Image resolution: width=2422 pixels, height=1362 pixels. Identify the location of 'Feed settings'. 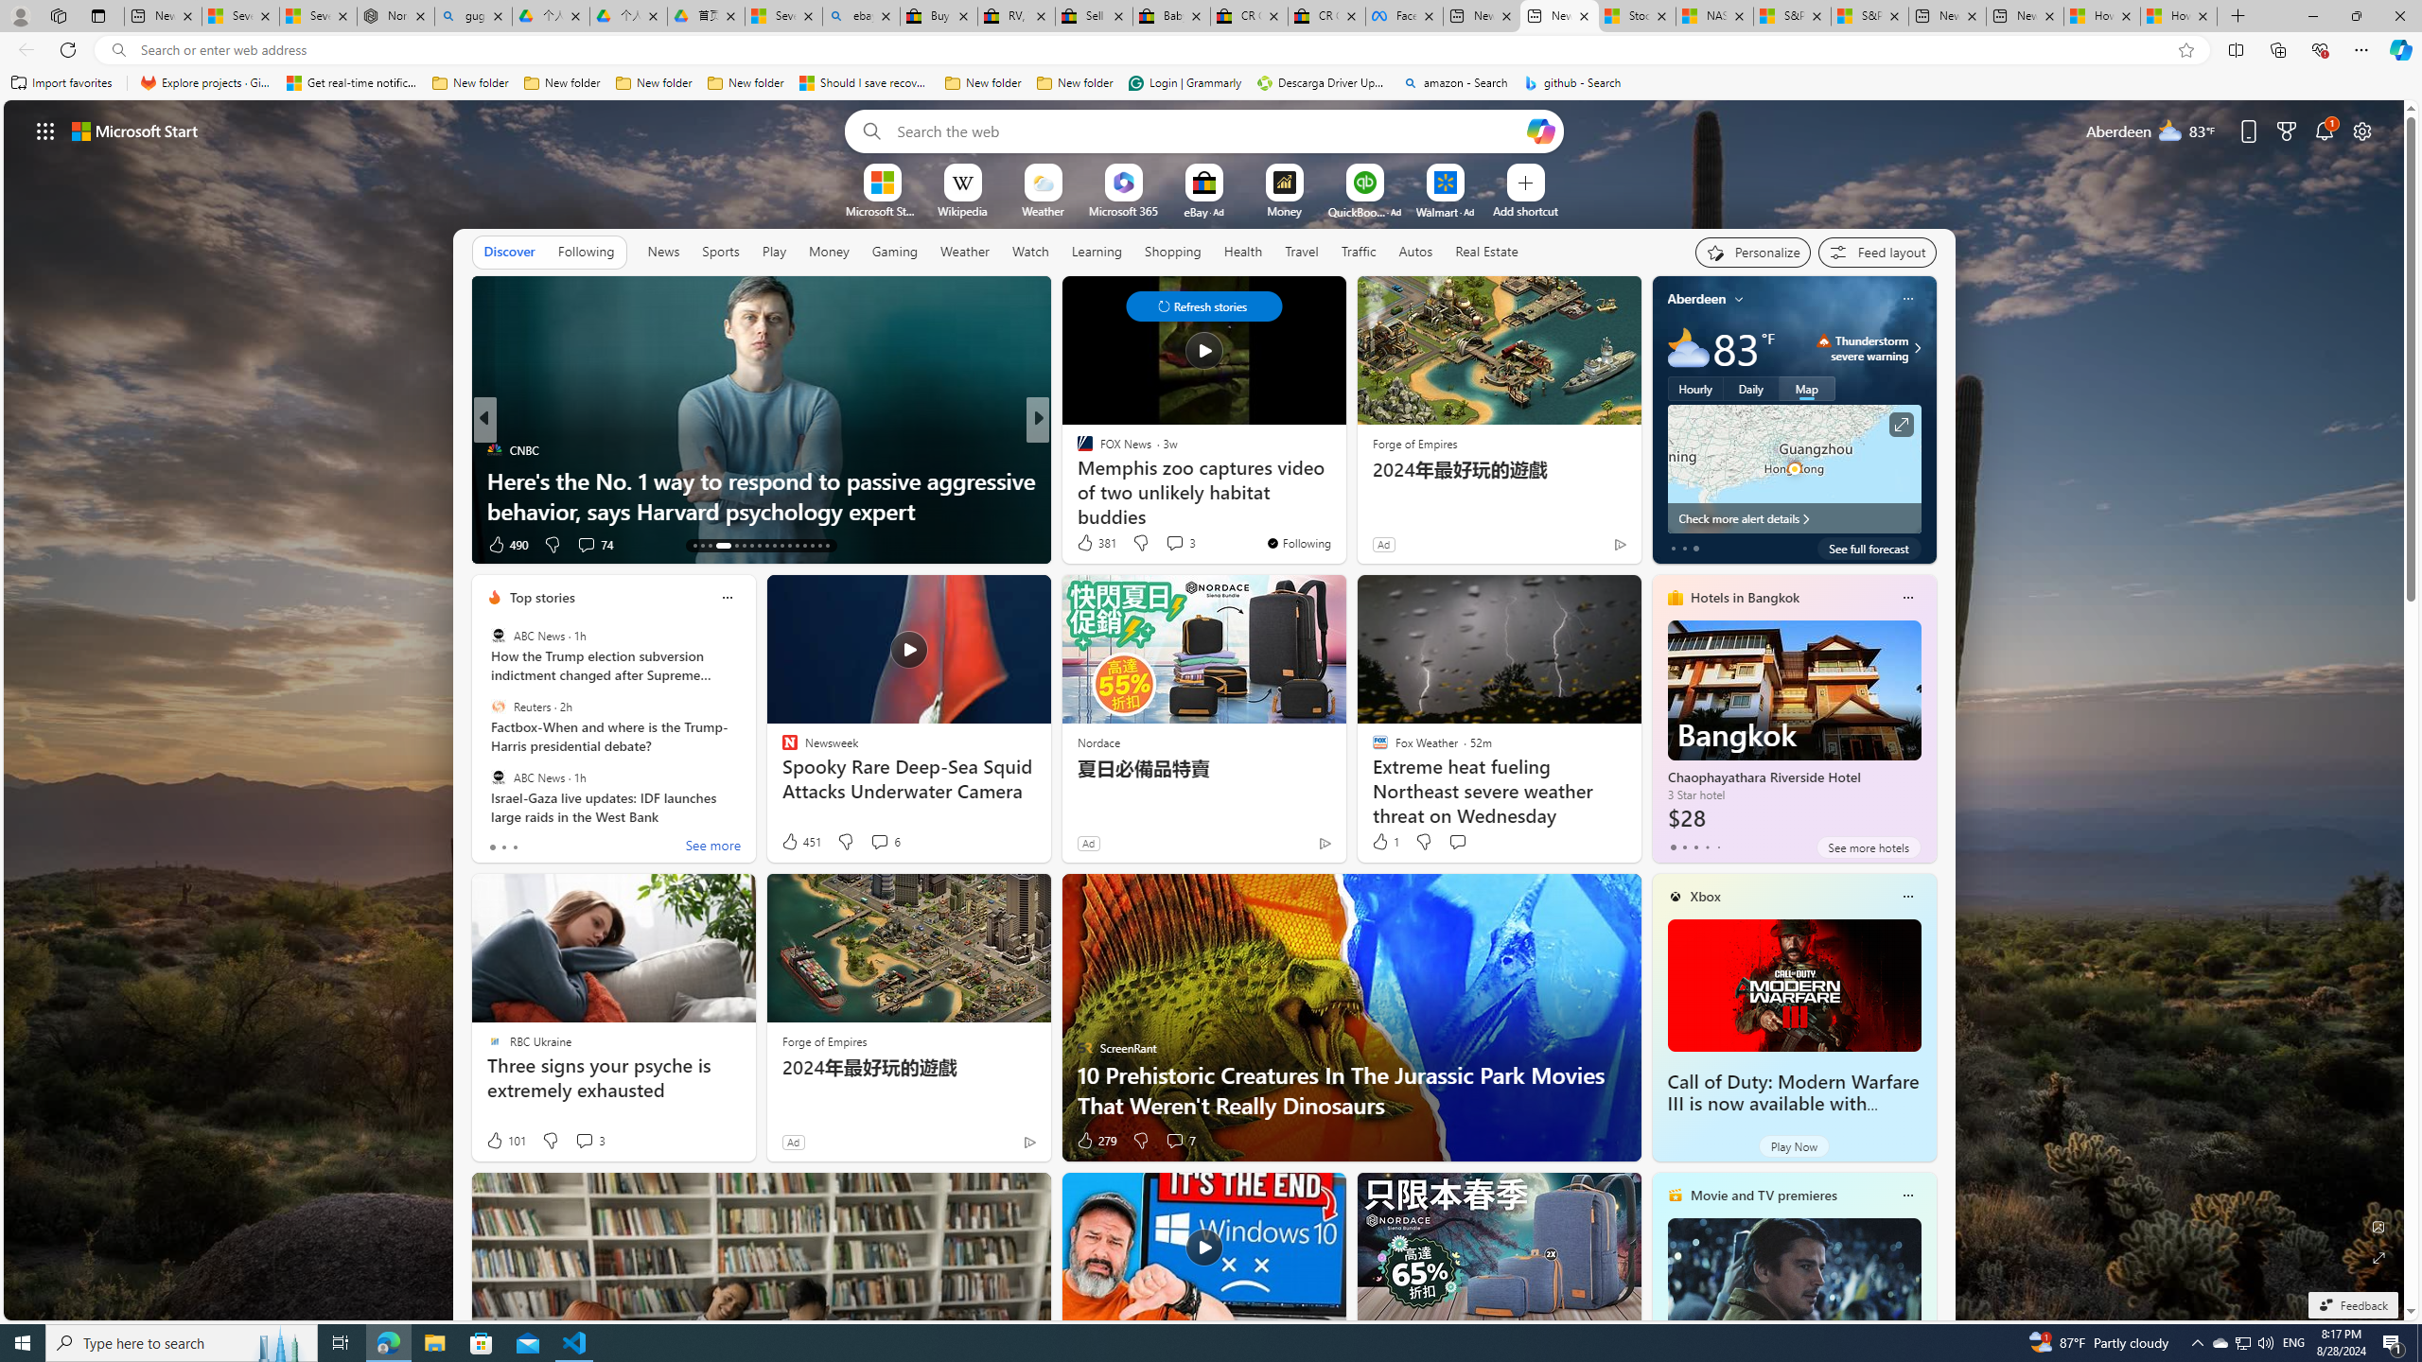
(1877, 253).